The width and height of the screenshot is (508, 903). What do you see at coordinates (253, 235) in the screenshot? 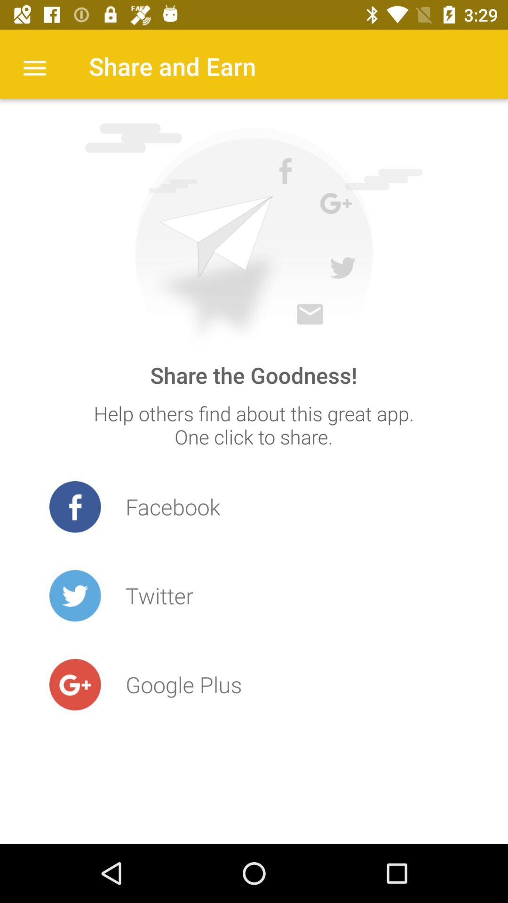
I see `icon above the share the goodness! item` at bounding box center [253, 235].